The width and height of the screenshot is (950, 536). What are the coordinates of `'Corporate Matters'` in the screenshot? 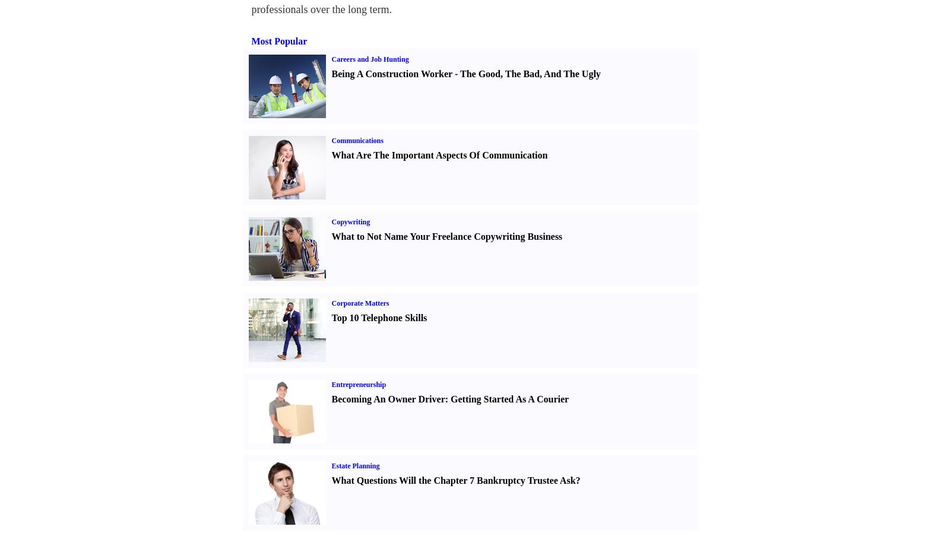 It's located at (360, 303).